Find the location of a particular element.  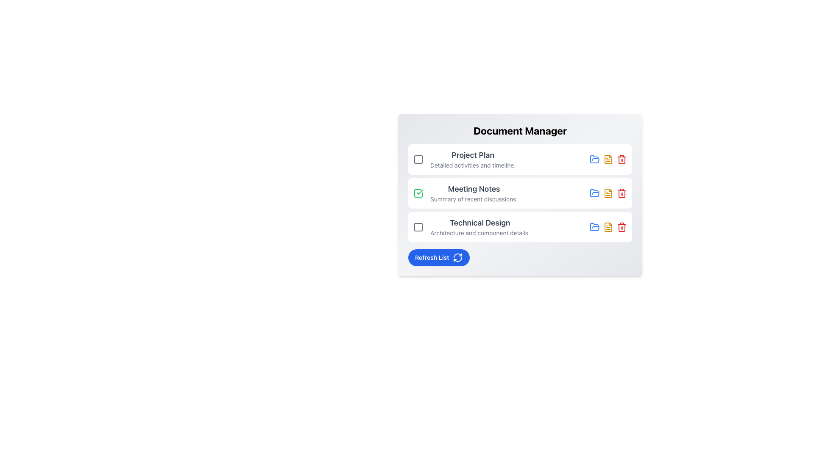

the static text label titled 'Project Plan' which describes 'Detailed activities and timeline.' is located at coordinates (472, 160).